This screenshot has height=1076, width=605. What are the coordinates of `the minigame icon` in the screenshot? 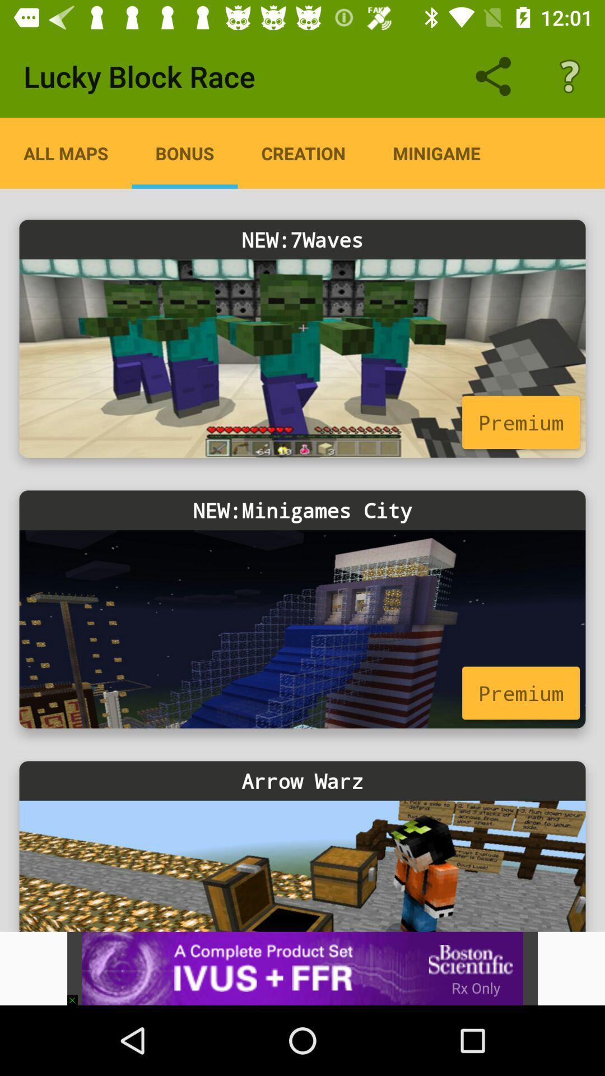 It's located at (436, 152).